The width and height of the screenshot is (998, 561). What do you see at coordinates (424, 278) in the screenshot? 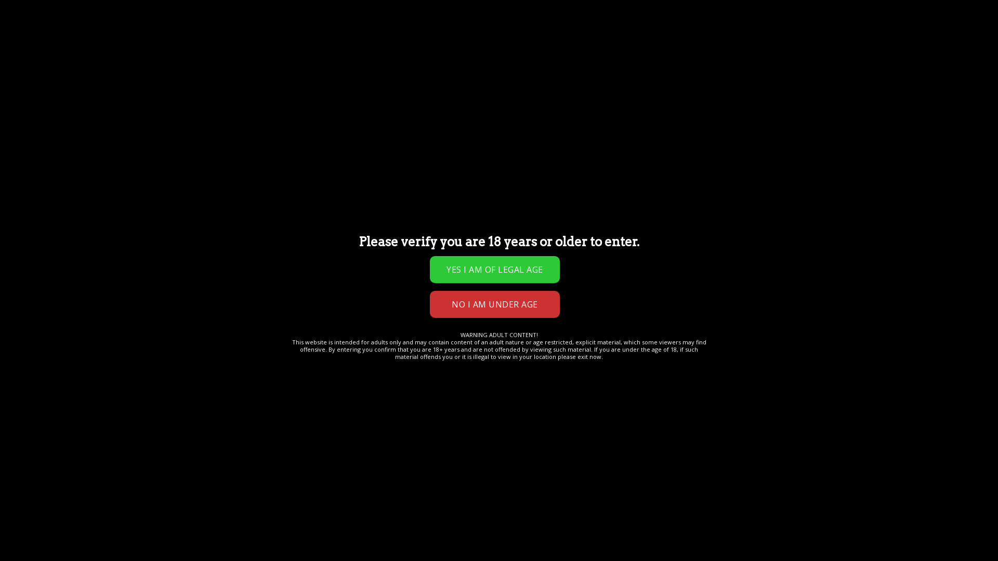
I see `'Pin on Pinterest'` at bounding box center [424, 278].